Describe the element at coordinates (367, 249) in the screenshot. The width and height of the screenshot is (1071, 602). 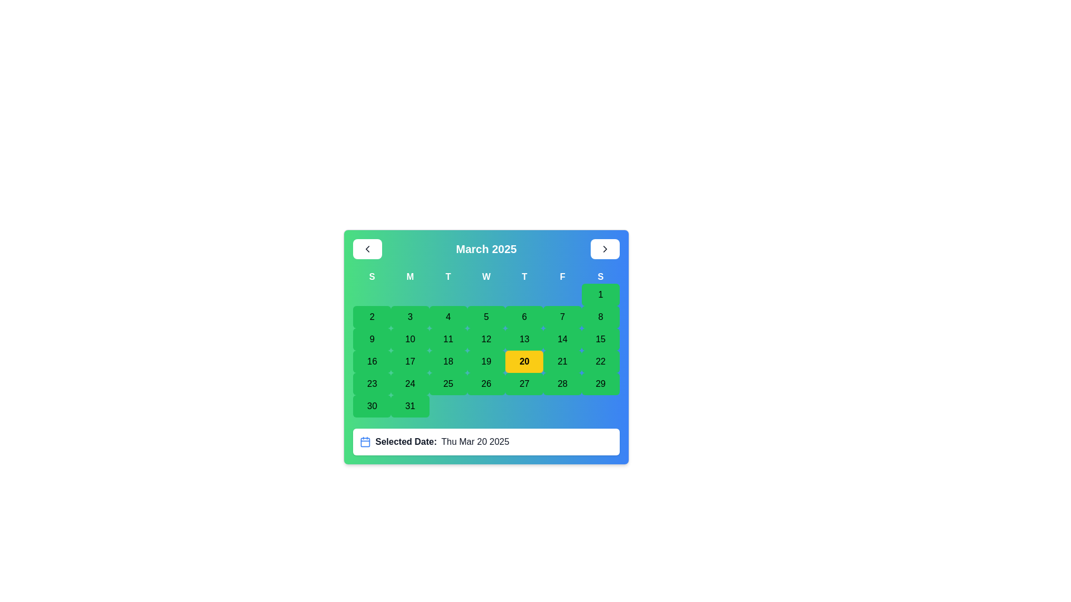
I see `the Chevron Left icon located in the top-left corner of the calendar header` at that location.